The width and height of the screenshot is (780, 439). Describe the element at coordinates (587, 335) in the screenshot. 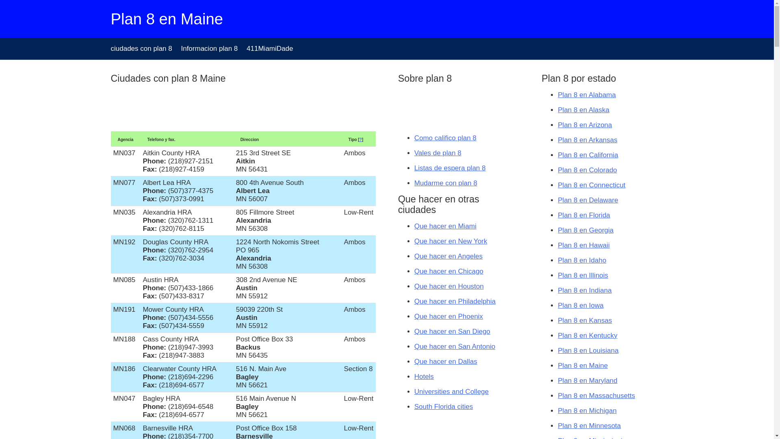

I see `'Plan 8 en Kentucky'` at that location.